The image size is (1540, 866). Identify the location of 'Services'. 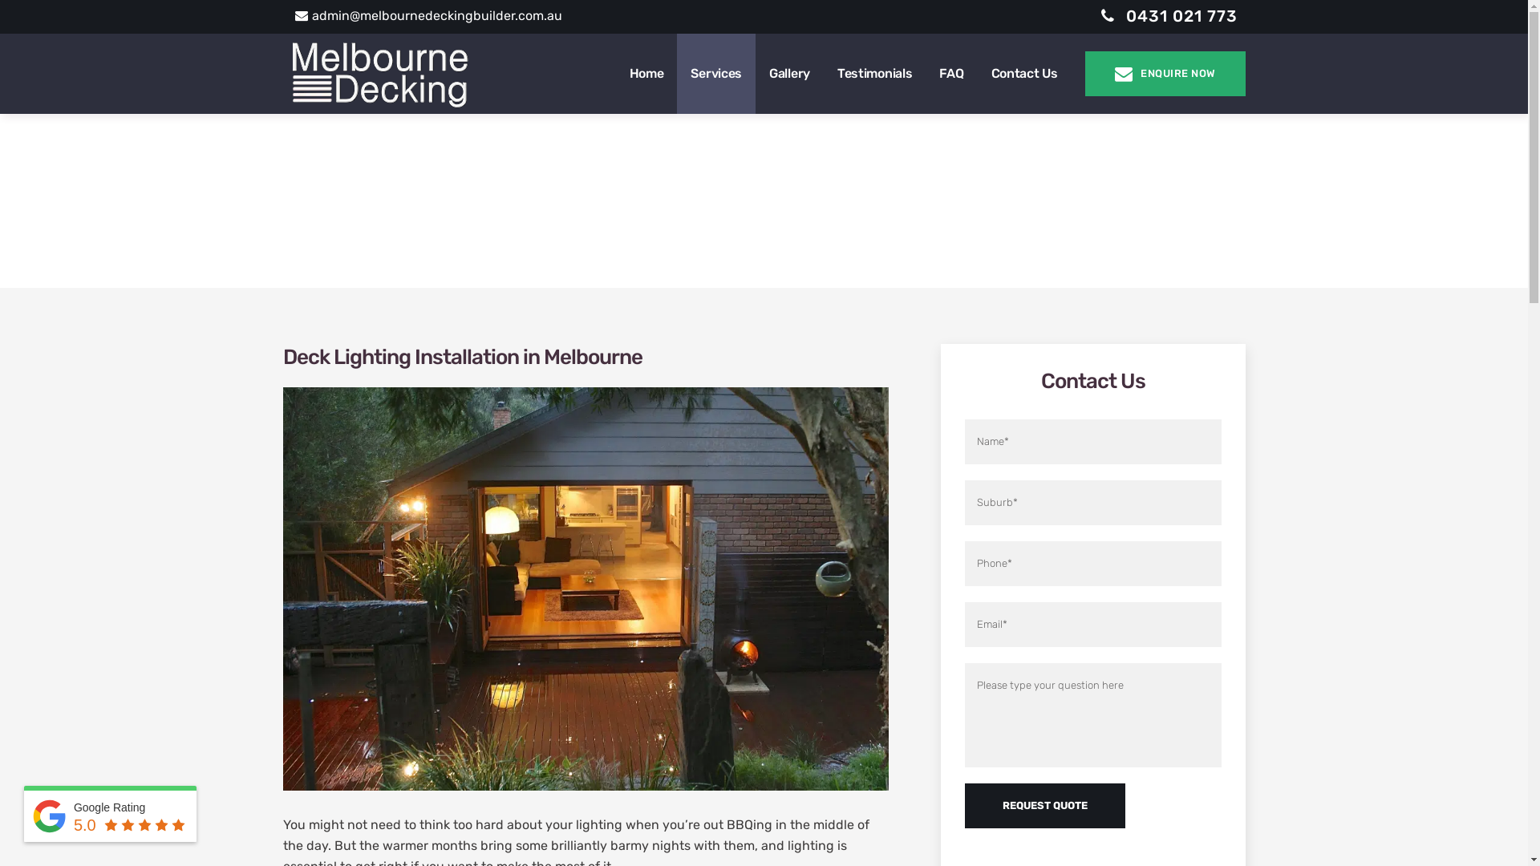
(715, 74).